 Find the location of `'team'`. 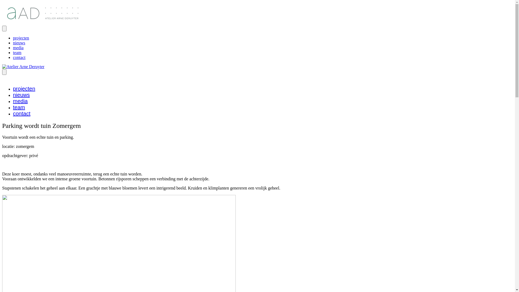

'team' is located at coordinates (13, 52).